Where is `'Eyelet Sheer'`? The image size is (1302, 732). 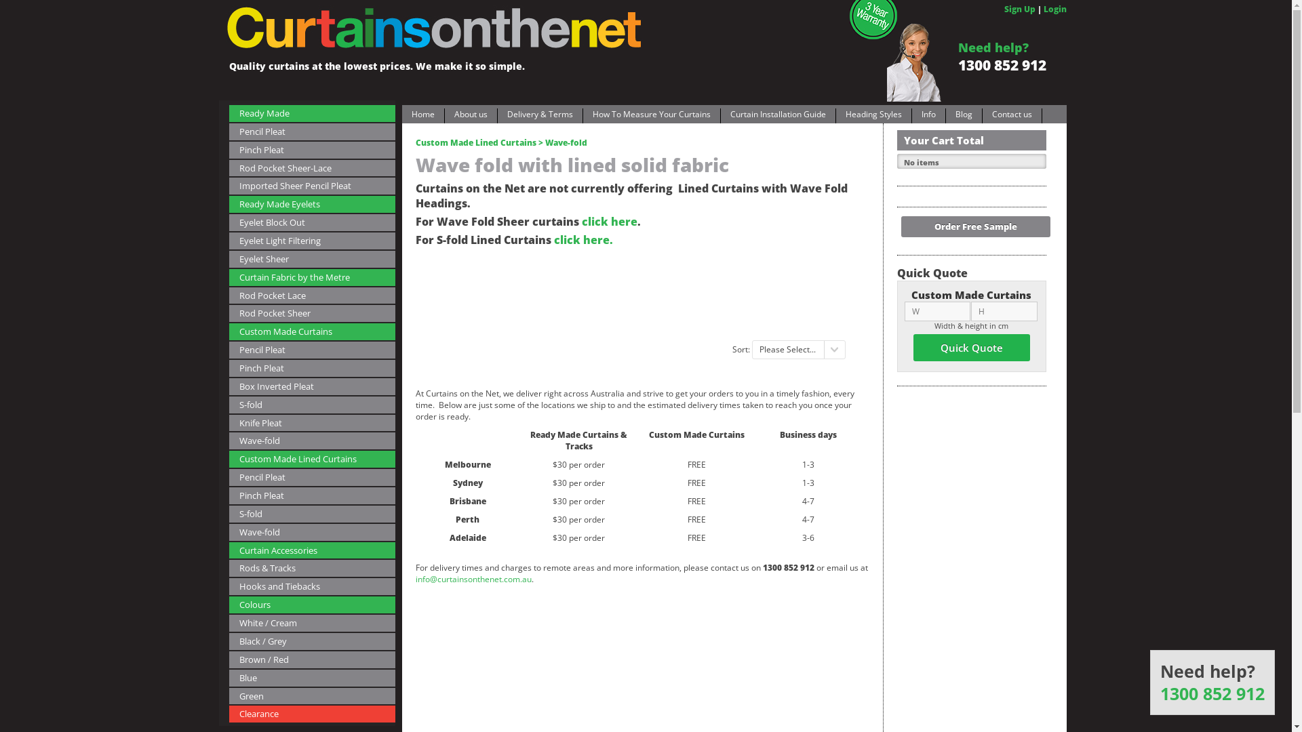 'Eyelet Sheer' is located at coordinates (311, 259).